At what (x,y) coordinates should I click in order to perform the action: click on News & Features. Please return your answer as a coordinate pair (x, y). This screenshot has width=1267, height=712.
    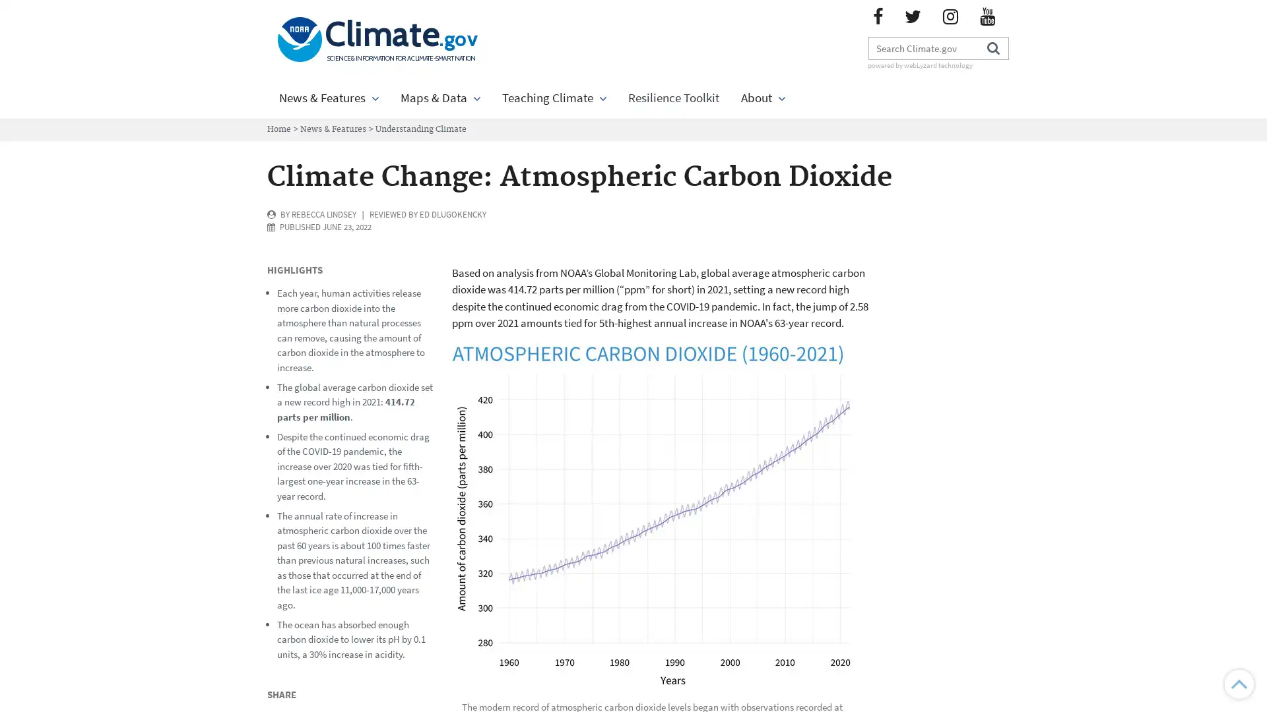
    Looking at the image, I should click on (329, 96).